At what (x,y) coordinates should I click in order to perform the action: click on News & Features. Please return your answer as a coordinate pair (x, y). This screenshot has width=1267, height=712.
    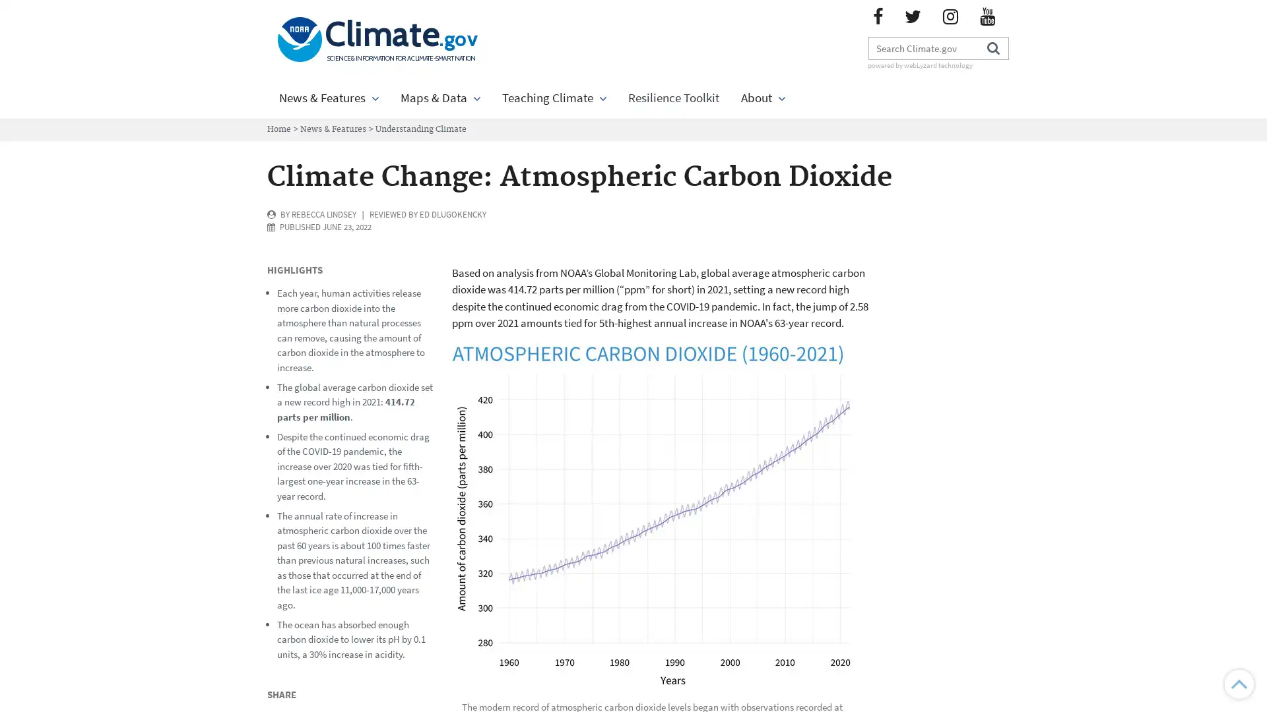
    Looking at the image, I should click on (329, 96).